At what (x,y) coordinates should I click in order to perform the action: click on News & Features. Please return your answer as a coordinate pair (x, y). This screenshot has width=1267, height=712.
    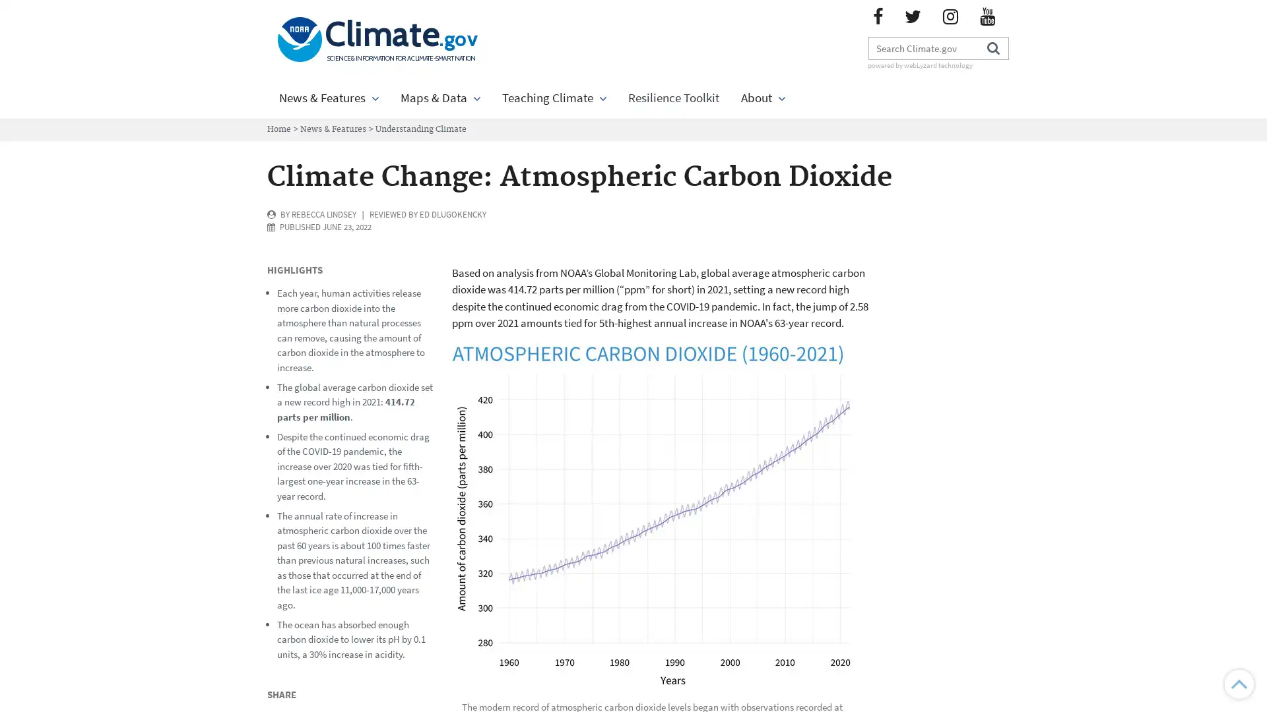
    Looking at the image, I should click on (329, 96).